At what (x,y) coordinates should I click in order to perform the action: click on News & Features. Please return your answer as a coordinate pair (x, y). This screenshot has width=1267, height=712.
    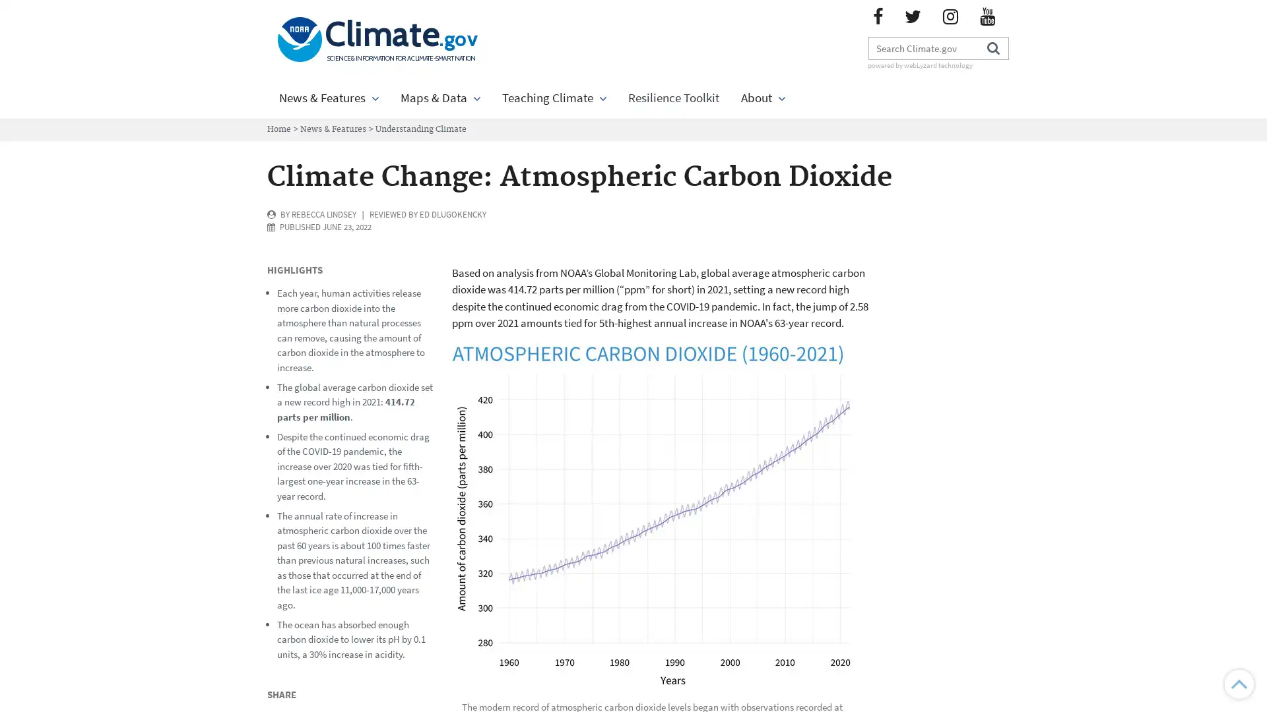
    Looking at the image, I should click on (329, 96).